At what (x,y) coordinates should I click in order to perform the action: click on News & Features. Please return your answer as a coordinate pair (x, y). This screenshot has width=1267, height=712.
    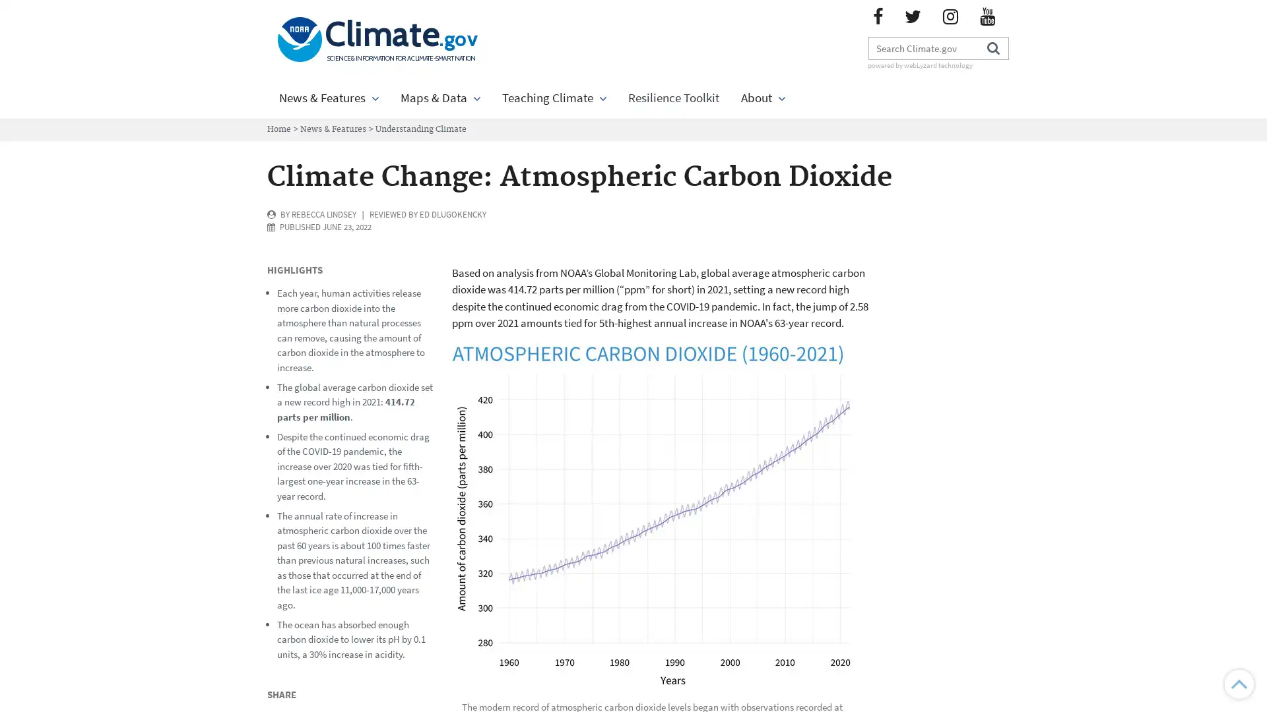
    Looking at the image, I should click on (329, 96).